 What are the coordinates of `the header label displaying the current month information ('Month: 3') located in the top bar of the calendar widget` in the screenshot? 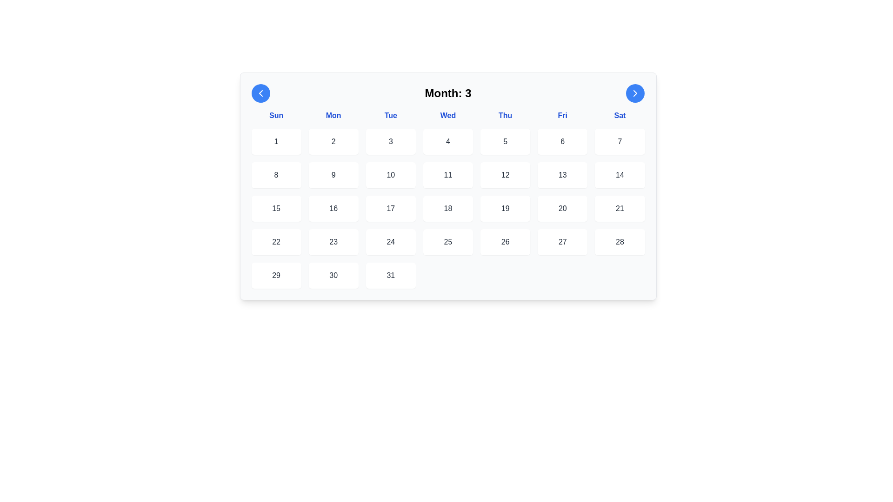 It's located at (448, 93).